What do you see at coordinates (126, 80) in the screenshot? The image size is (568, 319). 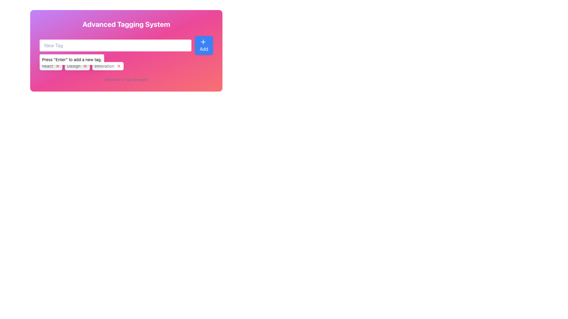 I see `the text label displaying 'Welcome to Tag Manager!' which is styled with a light font in gray color, located at the bottom of the 'Advanced Tagging System' section` at bounding box center [126, 80].